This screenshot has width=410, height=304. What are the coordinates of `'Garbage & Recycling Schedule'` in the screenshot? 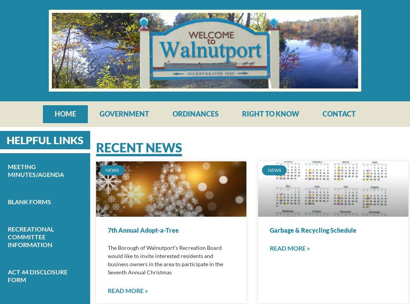 It's located at (270, 230).